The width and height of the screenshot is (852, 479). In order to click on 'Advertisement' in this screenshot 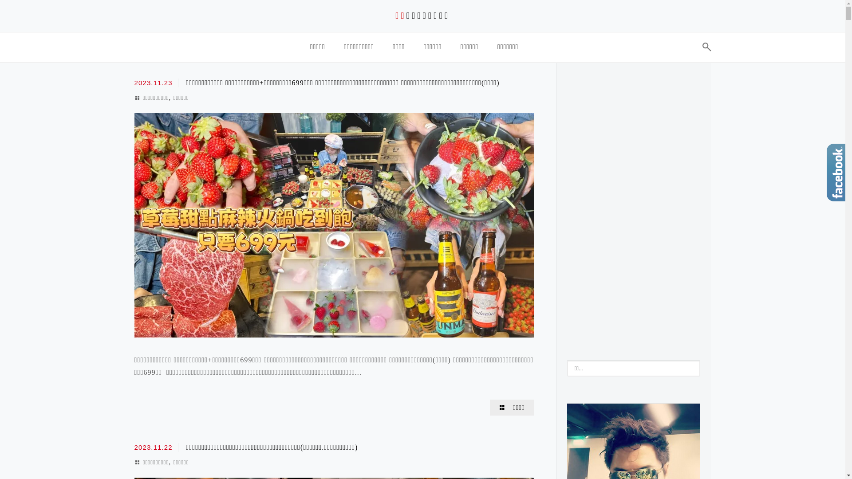, I will do `click(633, 205)`.